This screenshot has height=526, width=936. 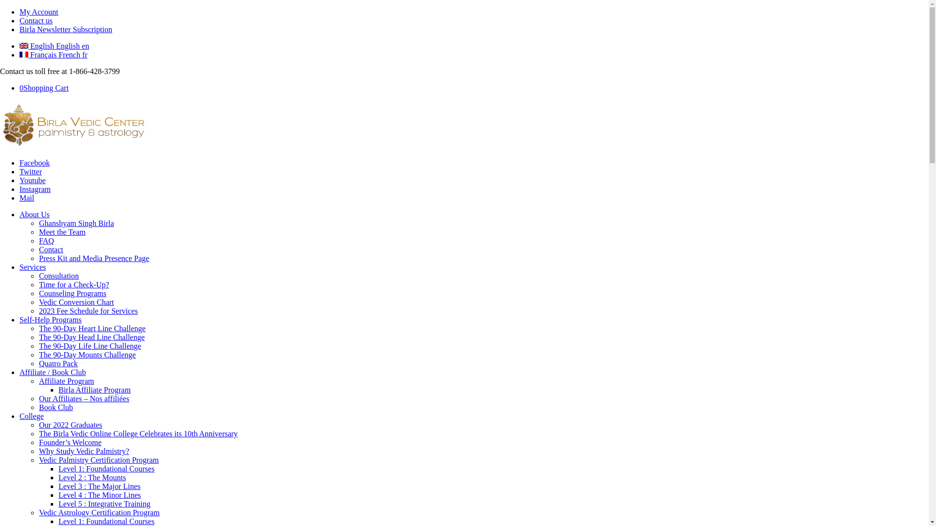 I want to click on 'About Us', so click(x=35, y=214).